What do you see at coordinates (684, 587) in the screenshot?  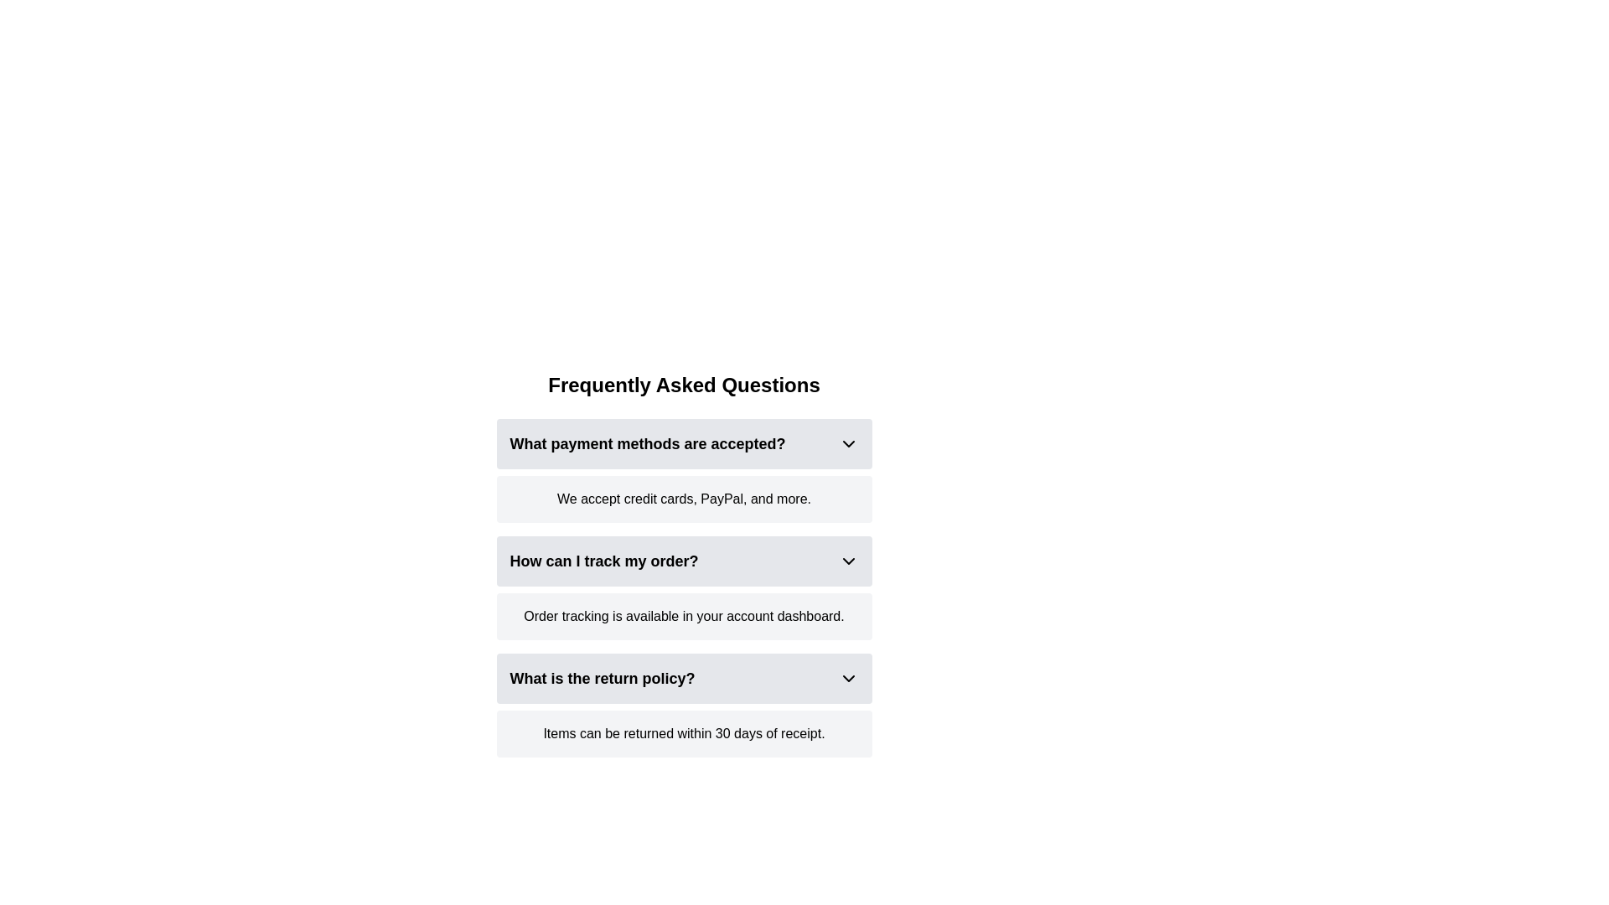 I see `the collapsible FAQ item titled 'How can I track my order?'` at bounding box center [684, 587].